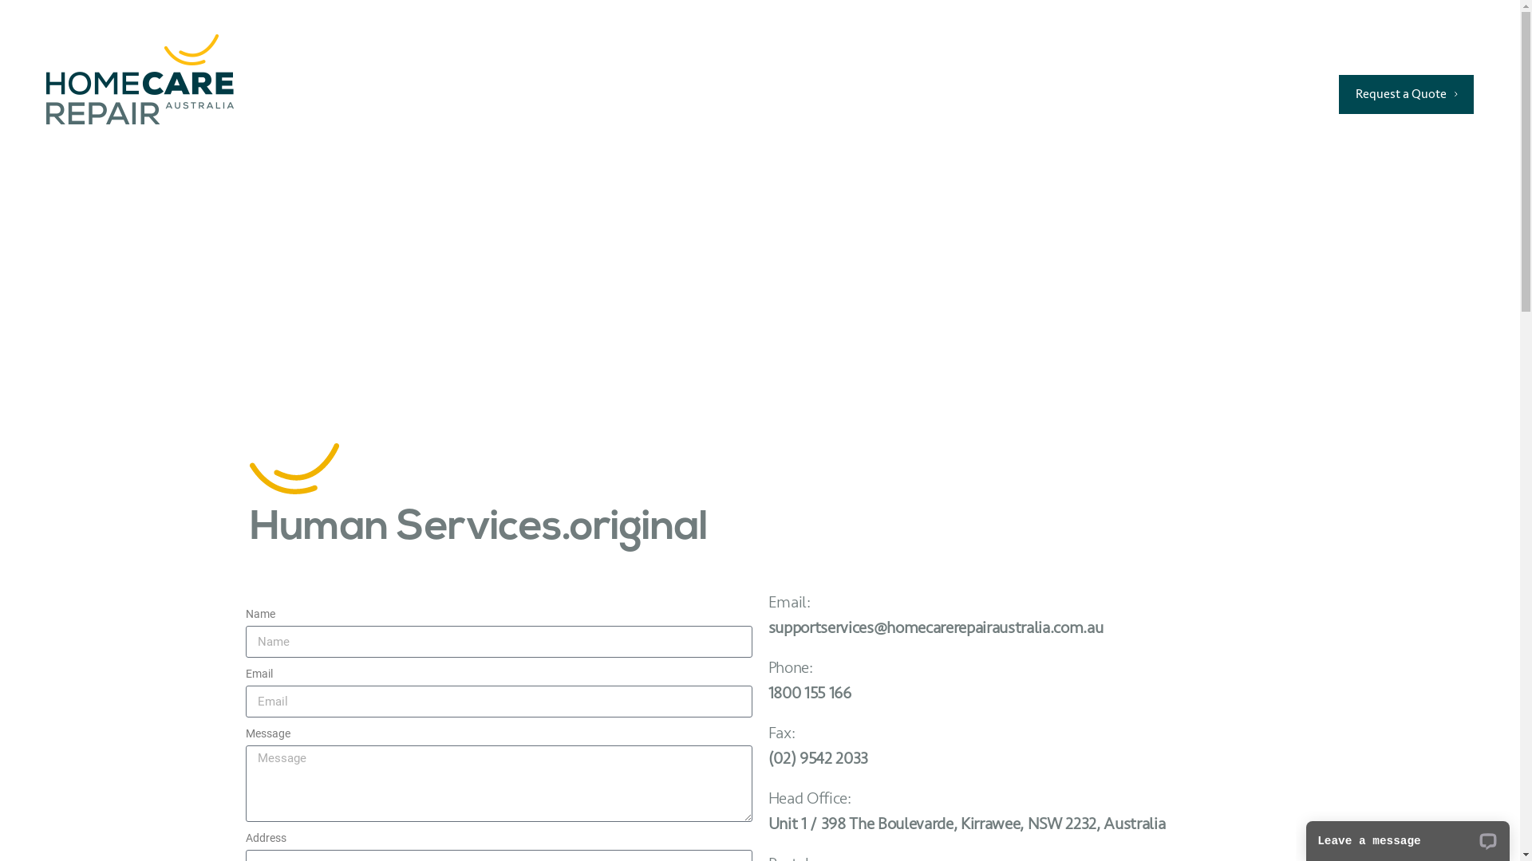 This screenshot has height=861, width=1532. Describe the element at coordinates (1132, 93) in the screenshot. I see `'Contact'` at that location.